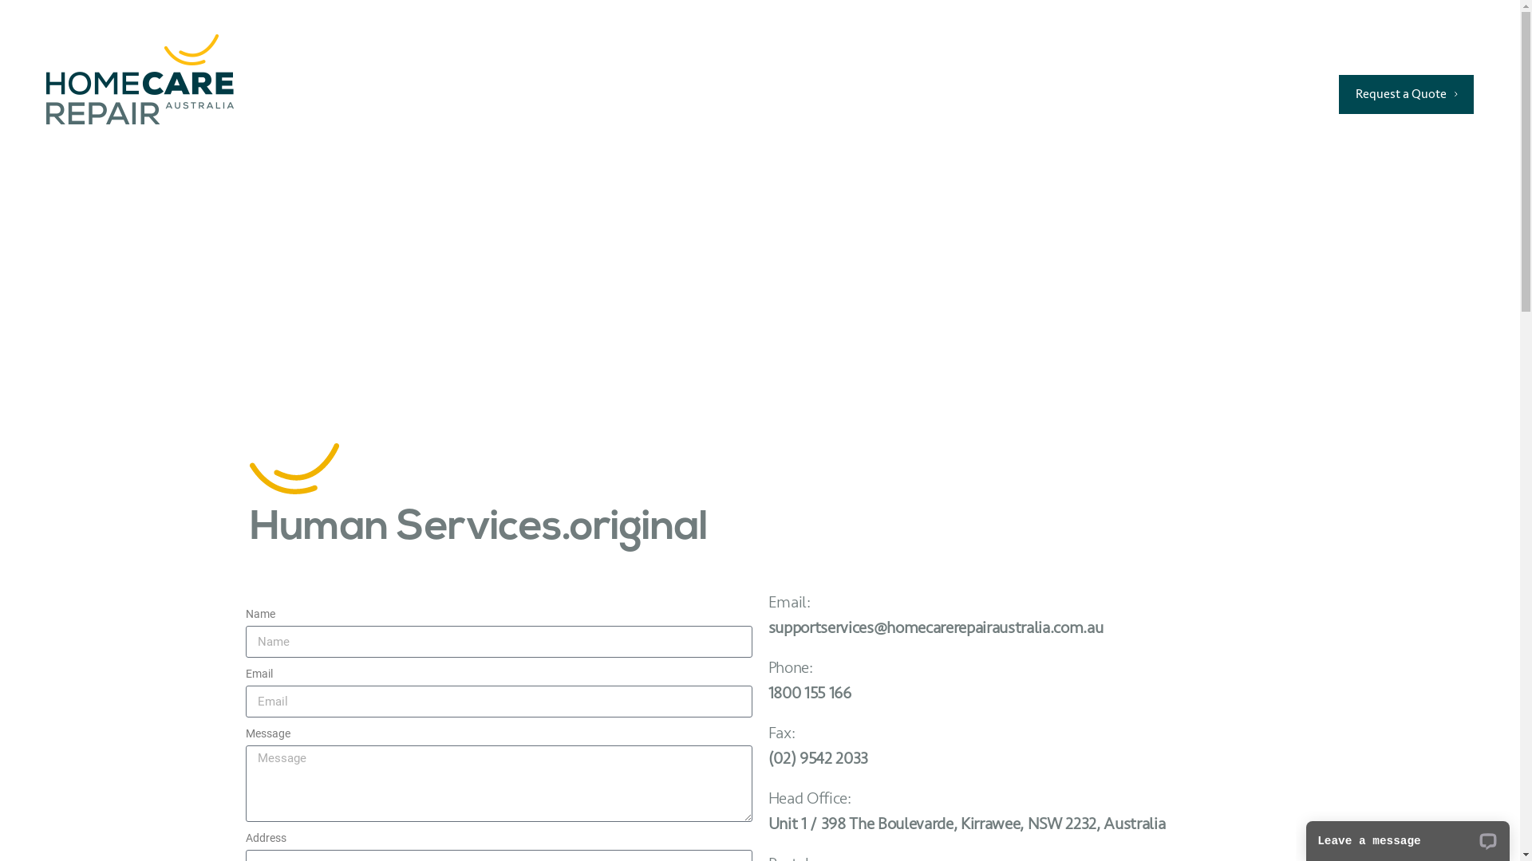 This screenshot has height=861, width=1532. Describe the element at coordinates (1132, 93) in the screenshot. I see `'Contact'` at that location.